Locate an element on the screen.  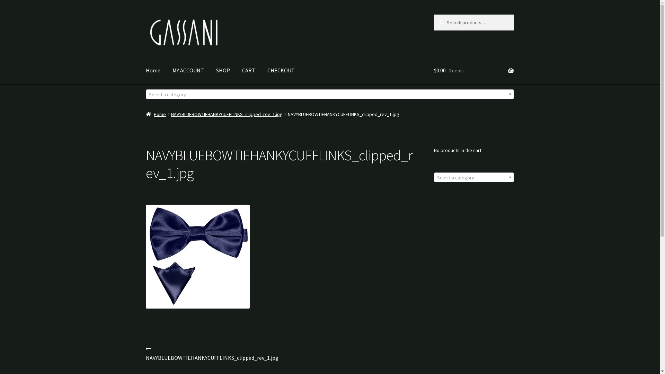
'$0.00 0 items' is located at coordinates (433, 71).